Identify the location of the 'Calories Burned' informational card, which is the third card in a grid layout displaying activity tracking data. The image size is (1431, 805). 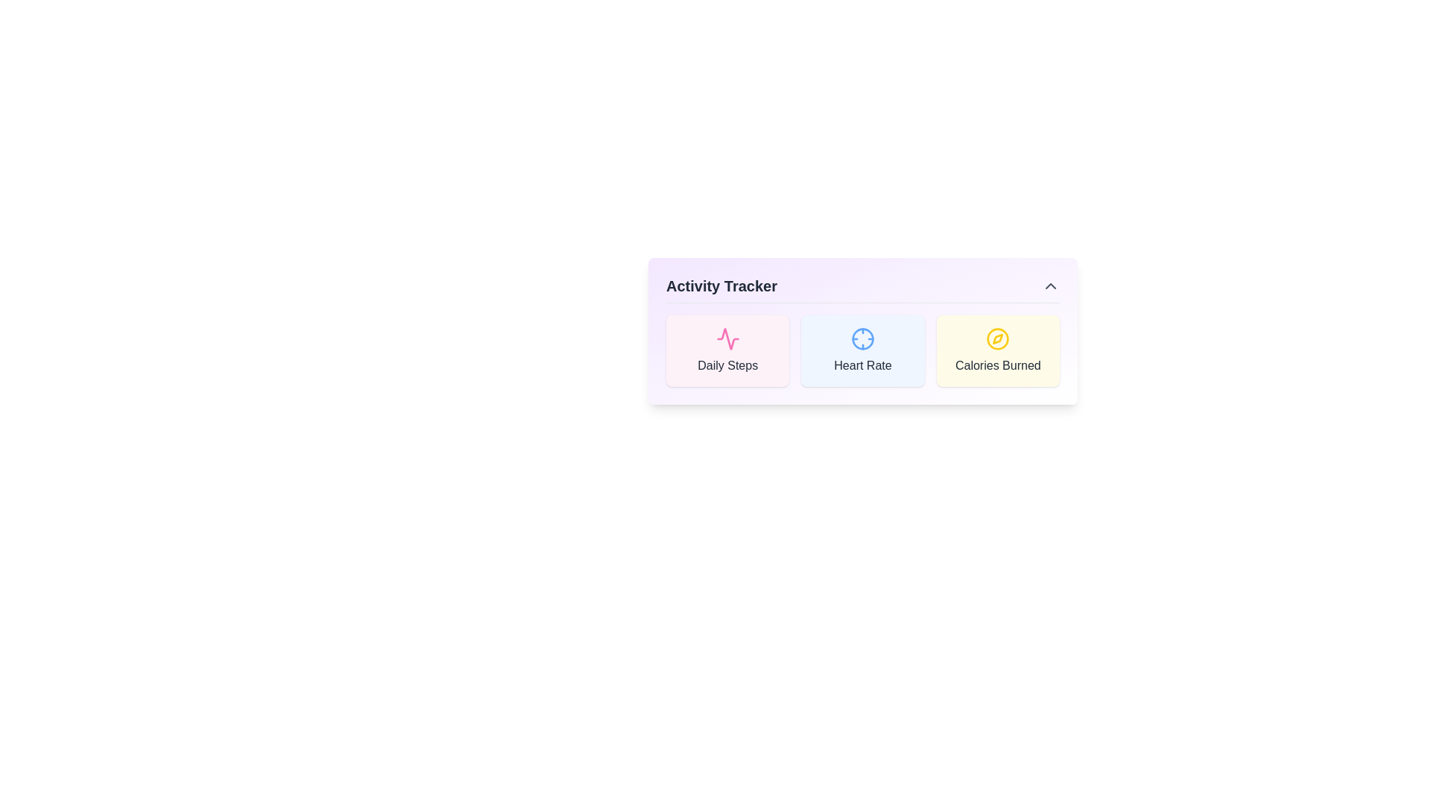
(998, 350).